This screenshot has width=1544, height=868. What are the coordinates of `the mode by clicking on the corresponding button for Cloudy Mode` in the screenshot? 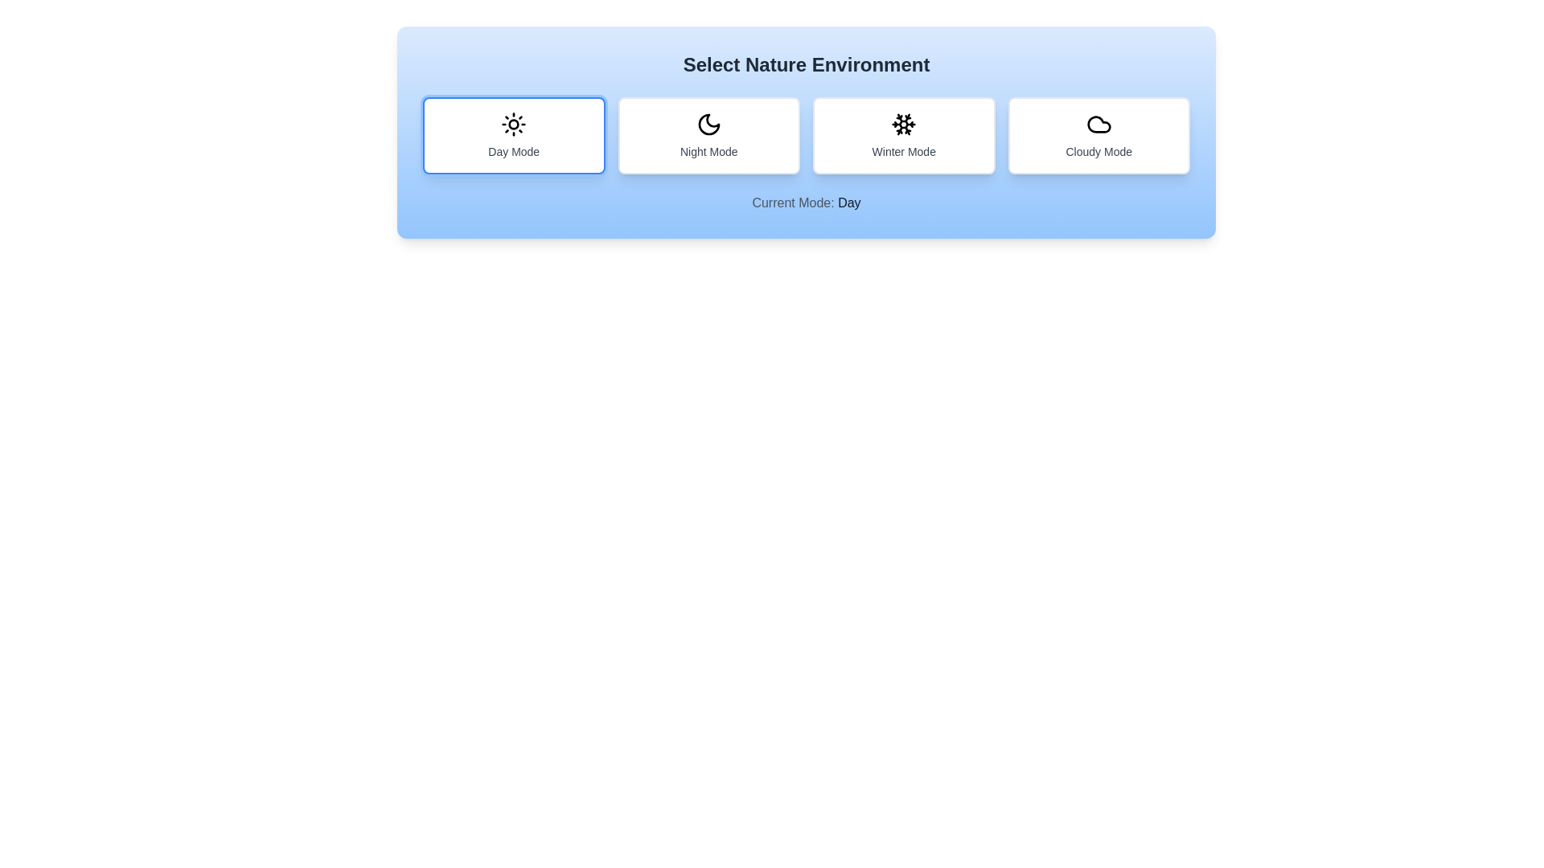 It's located at (1098, 135).